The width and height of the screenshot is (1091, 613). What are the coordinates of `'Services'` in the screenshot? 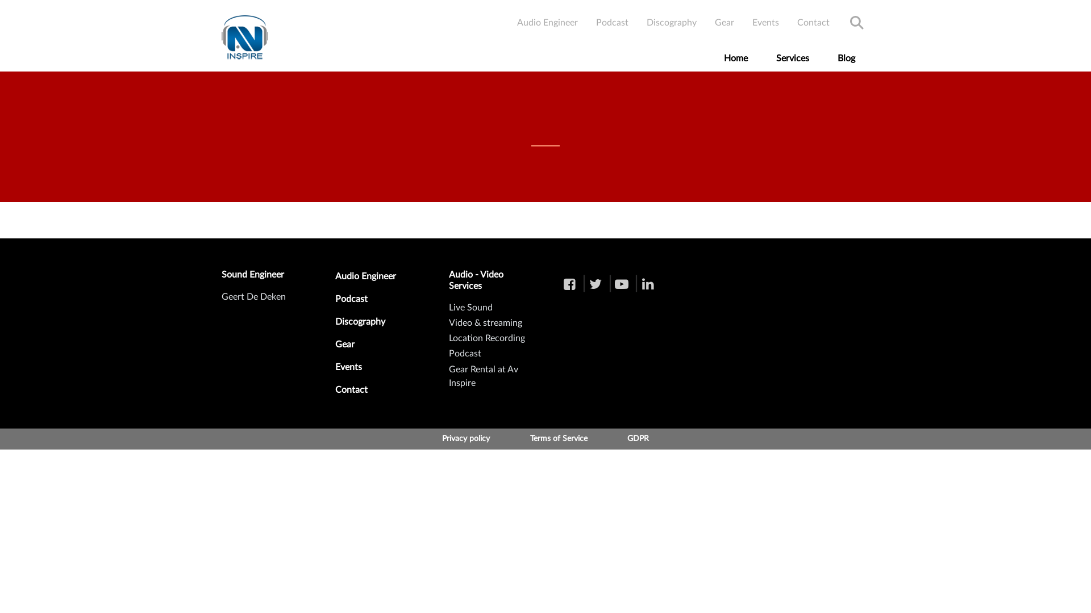 It's located at (792, 58).